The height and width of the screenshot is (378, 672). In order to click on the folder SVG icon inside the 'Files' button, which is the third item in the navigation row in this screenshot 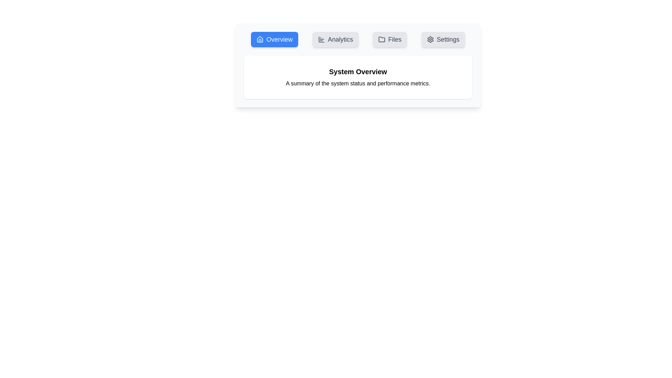, I will do `click(381, 39)`.